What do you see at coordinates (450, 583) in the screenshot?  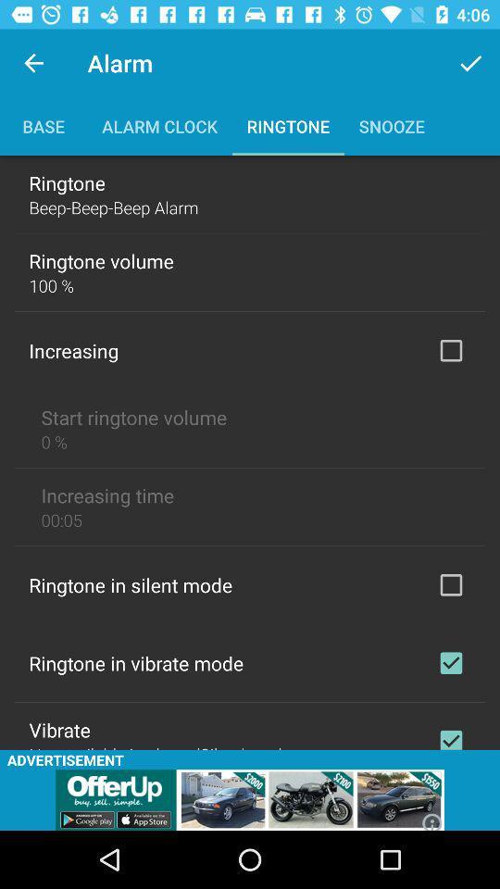 I see `ringtone in silent mode` at bounding box center [450, 583].